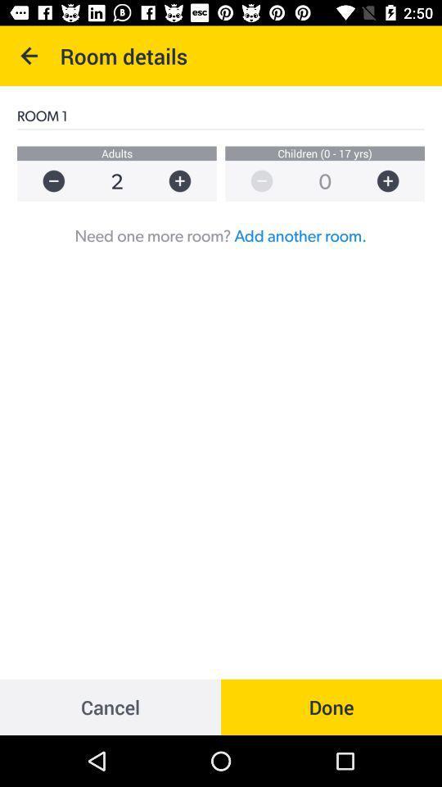  Describe the element at coordinates (29, 56) in the screenshot. I see `the item to the left of the room details icon` at that location.